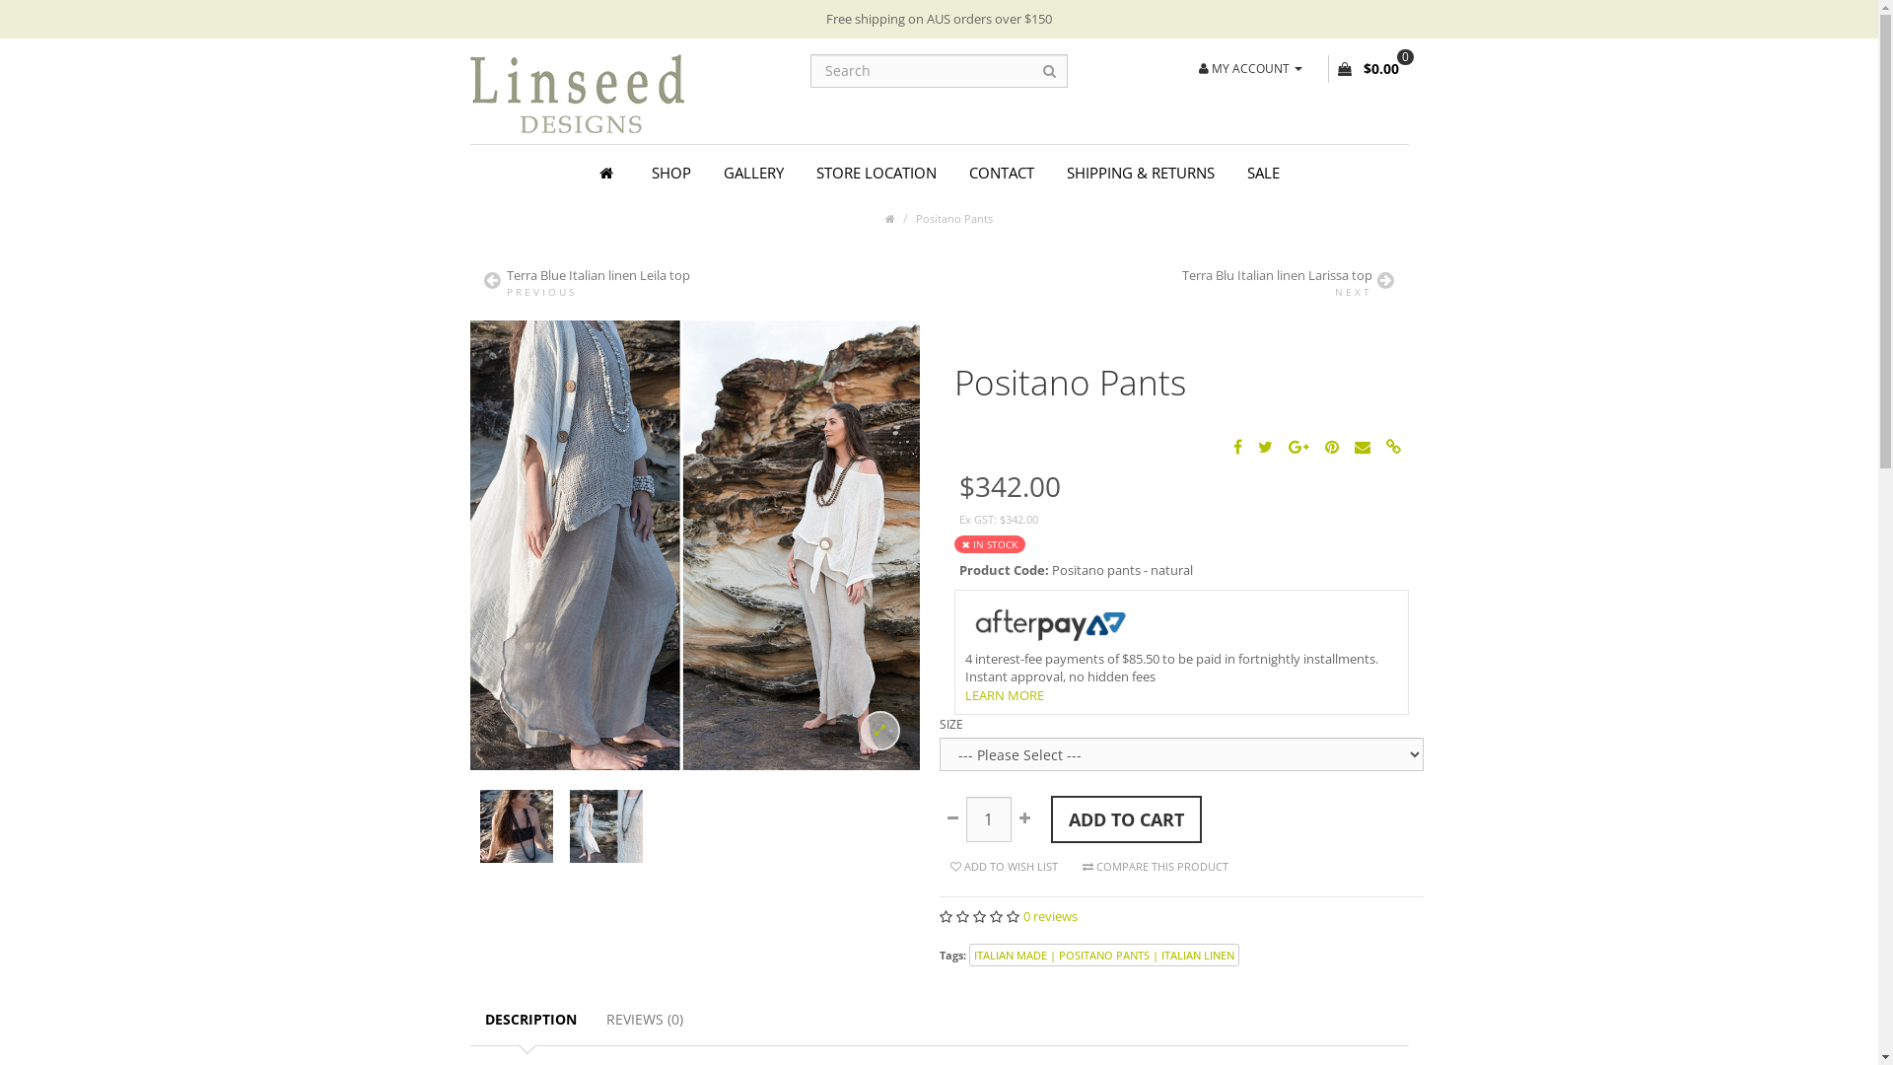 The height and width of the screenshot is (1065, 1893). Describe the element at coordinates (1022, 916) in the screenshot. I see `'0 reviews'` at that location.